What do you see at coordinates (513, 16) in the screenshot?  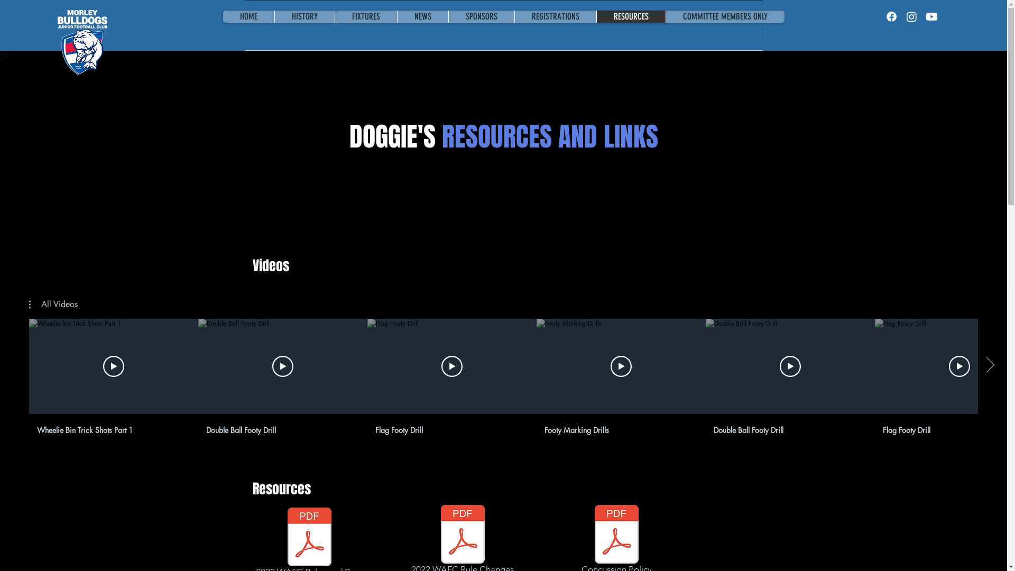 I see `'REGISTRATIONS'` at bounding box center [513, 16].